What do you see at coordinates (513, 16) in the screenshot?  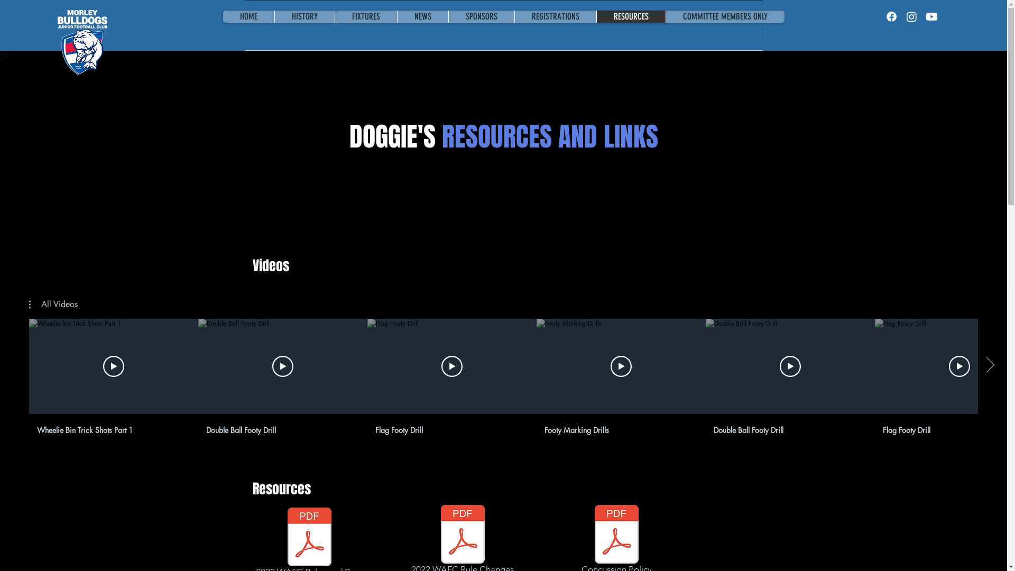 I see `'REGISTRATIONS'` at bounding box center [513, 16].